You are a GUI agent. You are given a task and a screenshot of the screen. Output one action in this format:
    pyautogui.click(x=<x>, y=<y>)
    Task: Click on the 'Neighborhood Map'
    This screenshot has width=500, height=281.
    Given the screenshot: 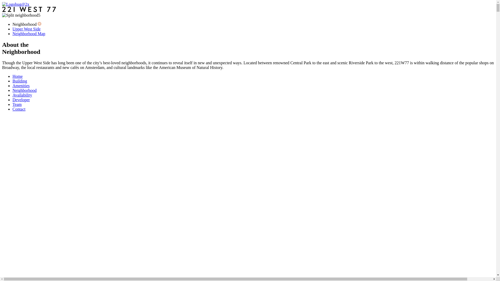 What is the action you would take?
    pyautogui.click(x=28, y=34)
    